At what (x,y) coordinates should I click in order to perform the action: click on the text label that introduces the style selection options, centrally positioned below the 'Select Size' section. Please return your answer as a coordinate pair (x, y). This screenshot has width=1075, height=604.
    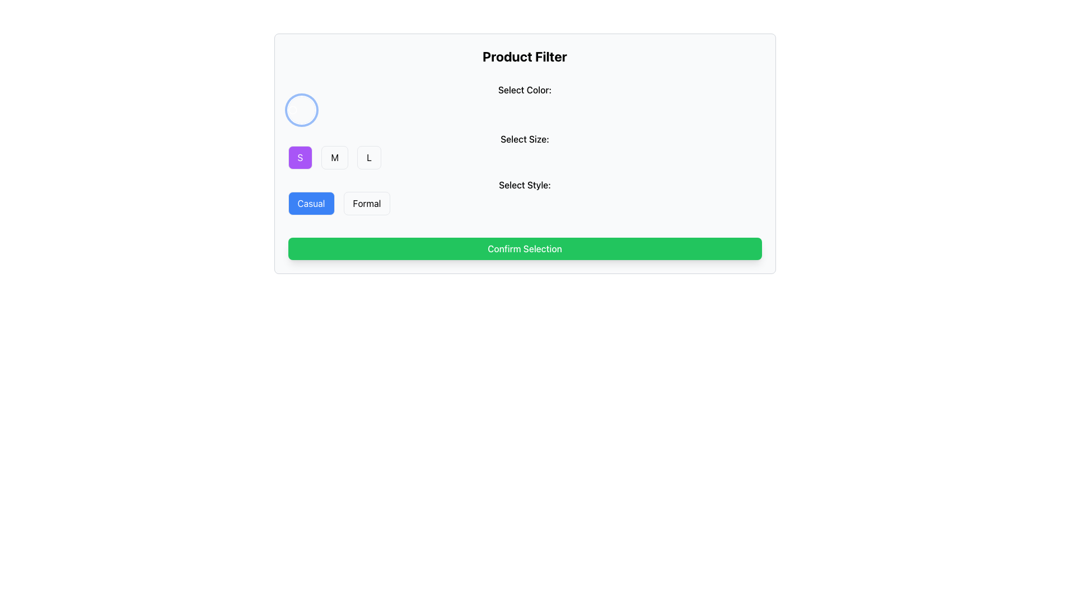
    Looking at the image, I should click on (524, 185).